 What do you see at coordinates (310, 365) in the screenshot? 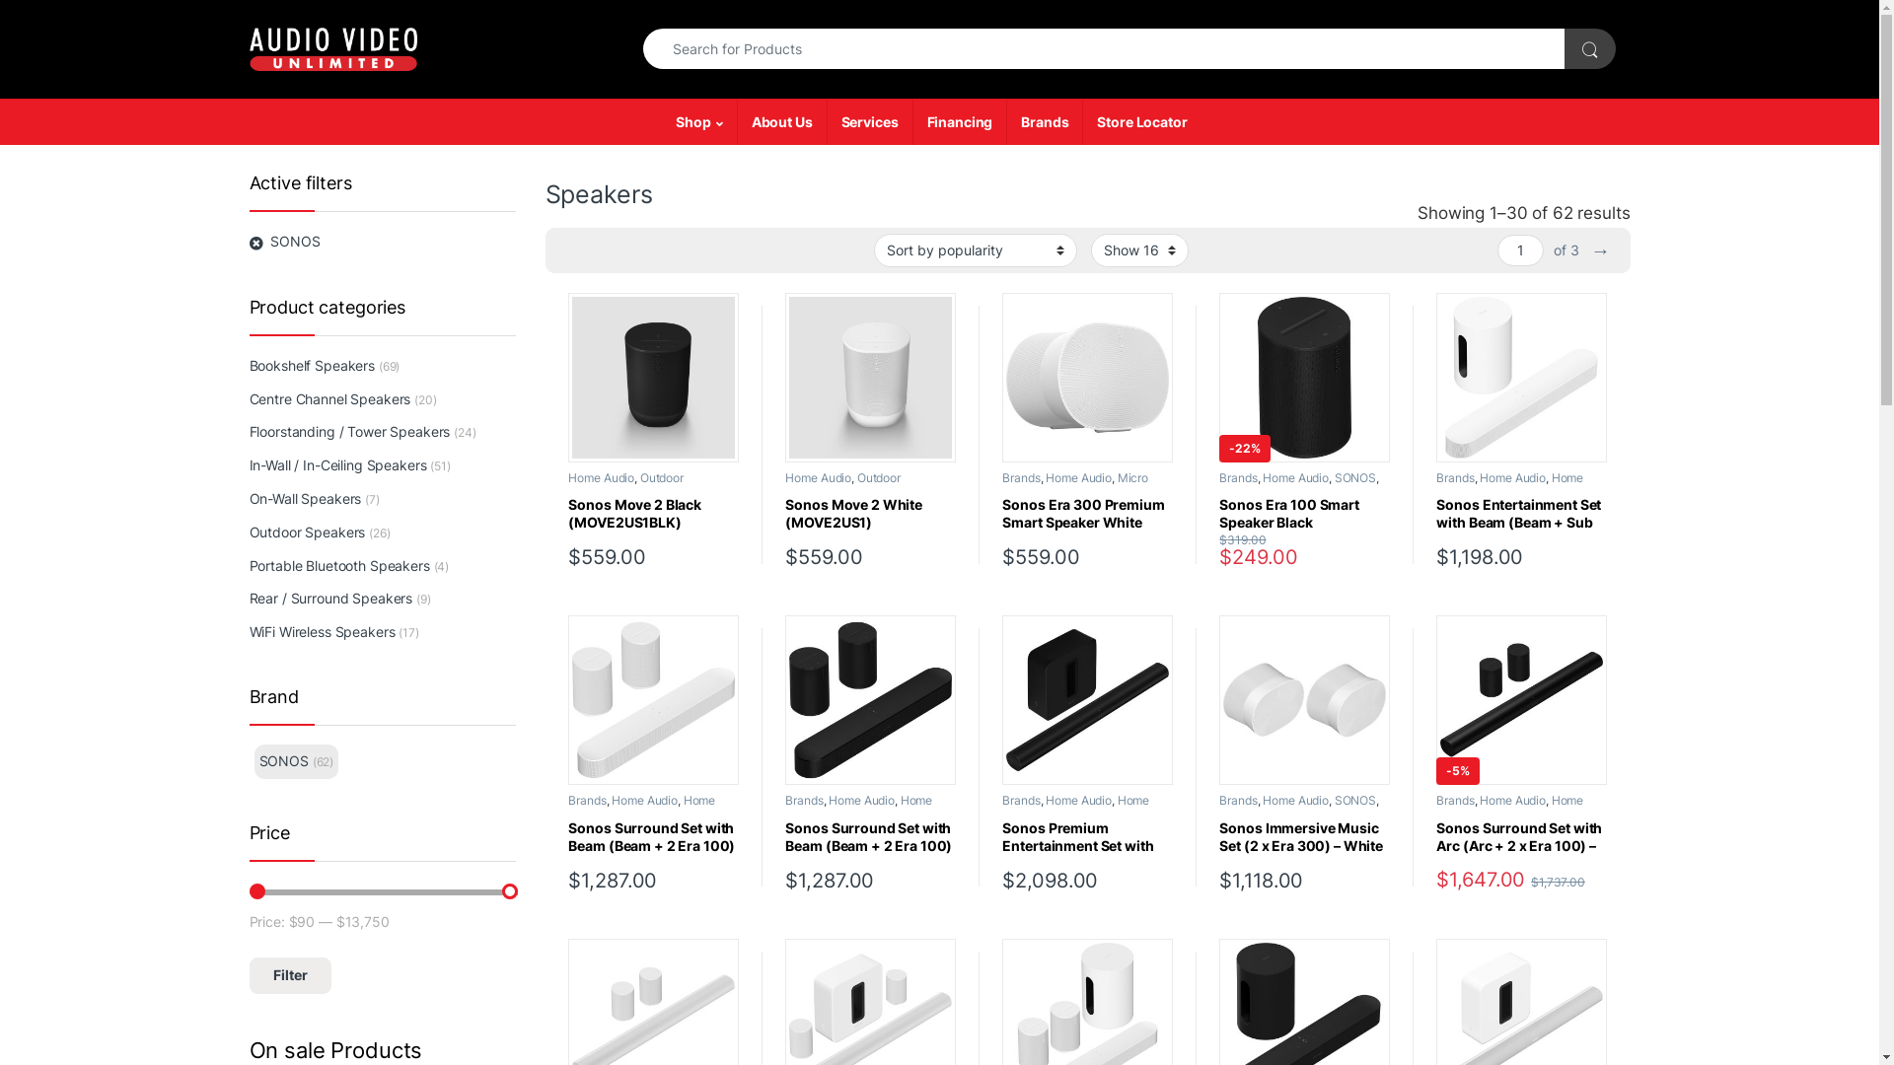
I see `'Bookshelf Speakers'` at bounding box center [310, 365].